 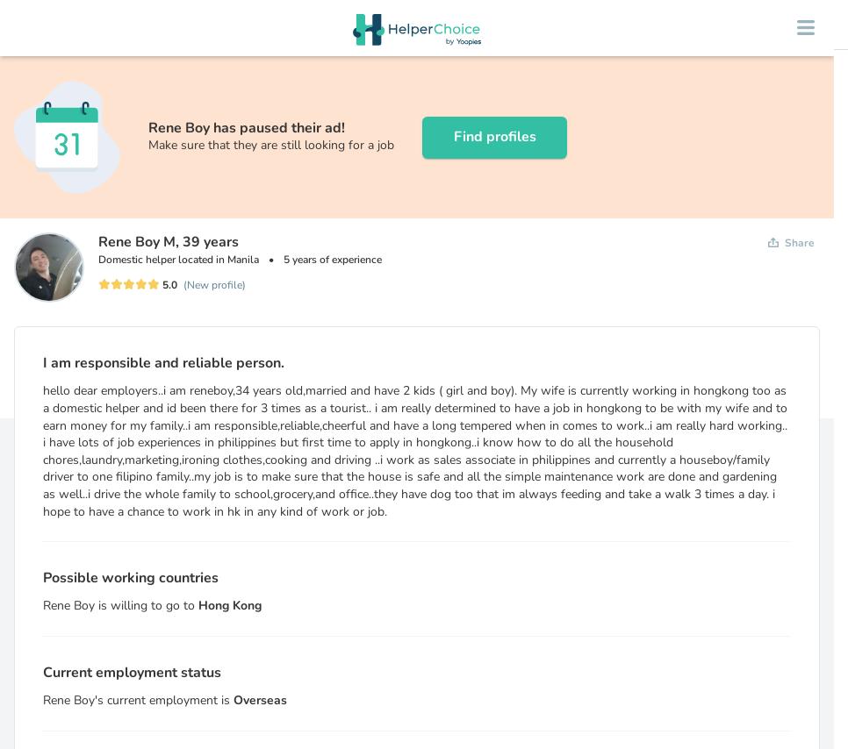 What do you see at coordinates (120, 604) in the screenshot?
I see `'Rene Boy is willing to go to'` at bounding box center [120, 604].